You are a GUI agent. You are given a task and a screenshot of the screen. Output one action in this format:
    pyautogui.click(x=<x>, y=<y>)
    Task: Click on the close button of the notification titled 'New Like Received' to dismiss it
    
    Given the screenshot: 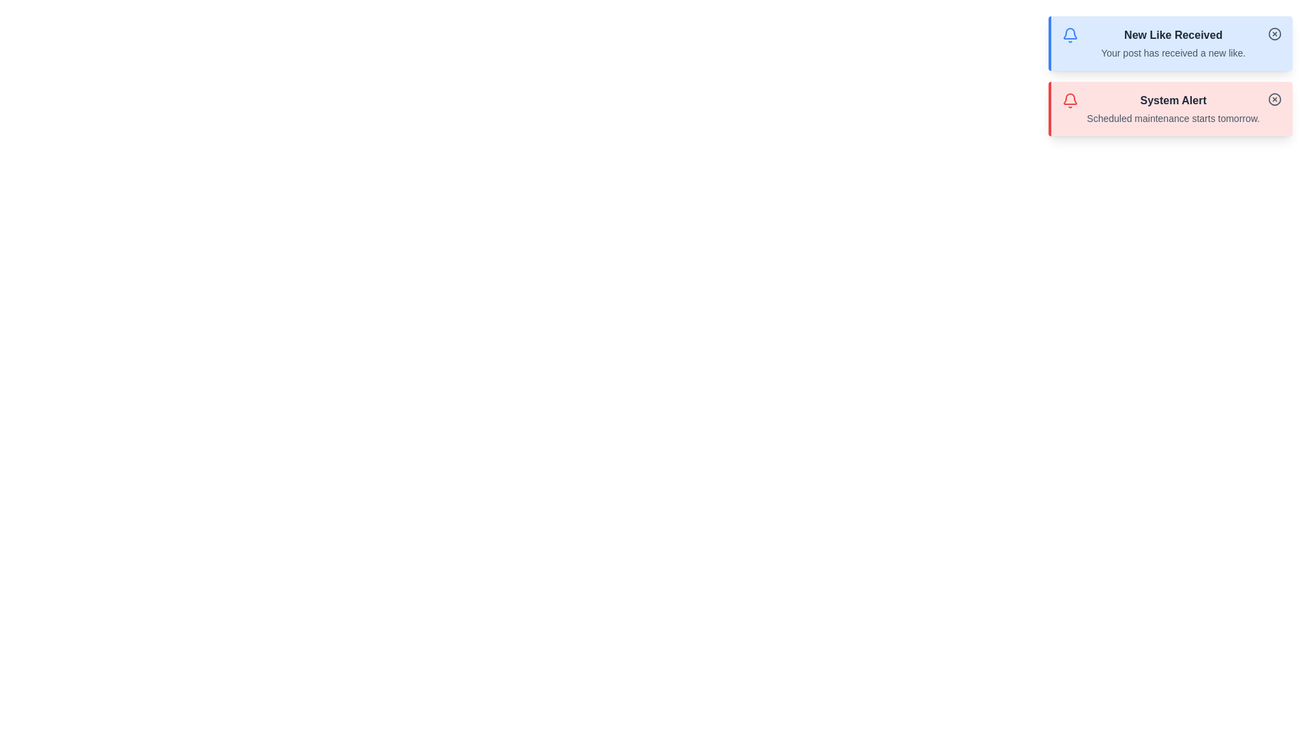 What is the action you would take?
    pyautogui.click(x=1274, y=33)
    